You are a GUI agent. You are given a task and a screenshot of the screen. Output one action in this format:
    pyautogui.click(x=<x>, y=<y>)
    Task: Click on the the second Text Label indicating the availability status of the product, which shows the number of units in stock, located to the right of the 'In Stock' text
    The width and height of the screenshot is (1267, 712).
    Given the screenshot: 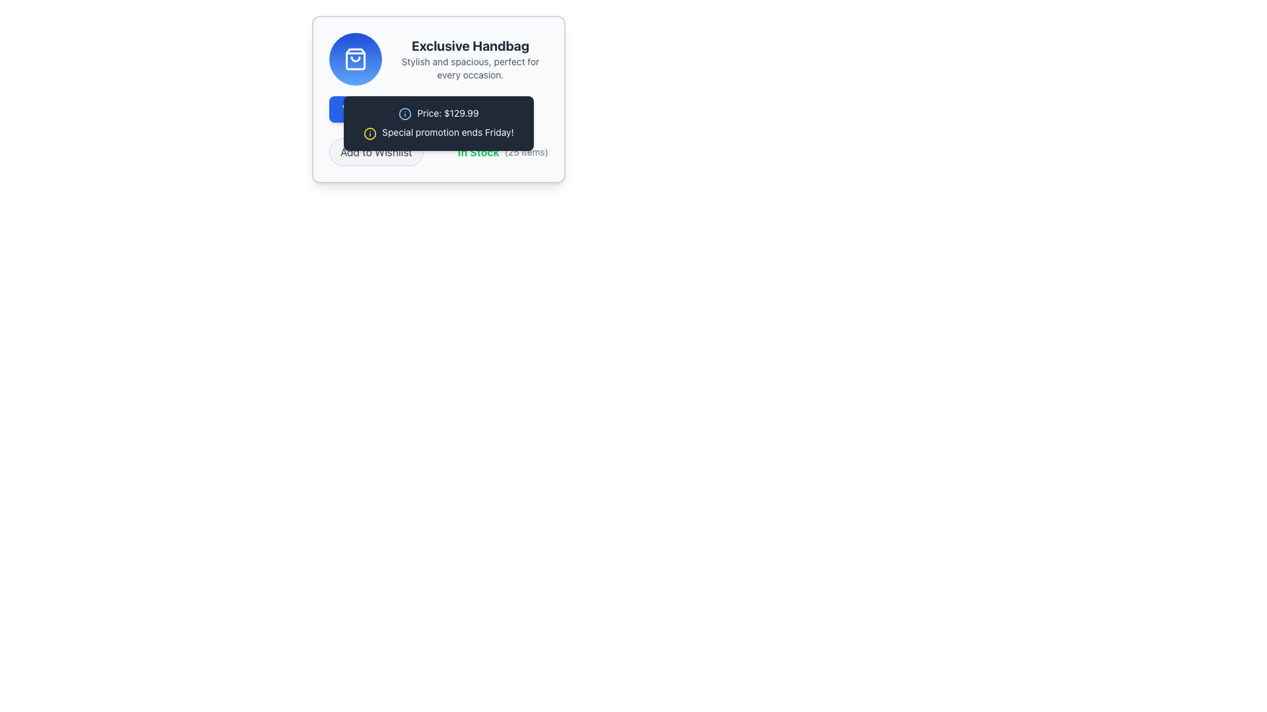 What is the action you would take?
    pyautogui.click(x=525, y=152)
    